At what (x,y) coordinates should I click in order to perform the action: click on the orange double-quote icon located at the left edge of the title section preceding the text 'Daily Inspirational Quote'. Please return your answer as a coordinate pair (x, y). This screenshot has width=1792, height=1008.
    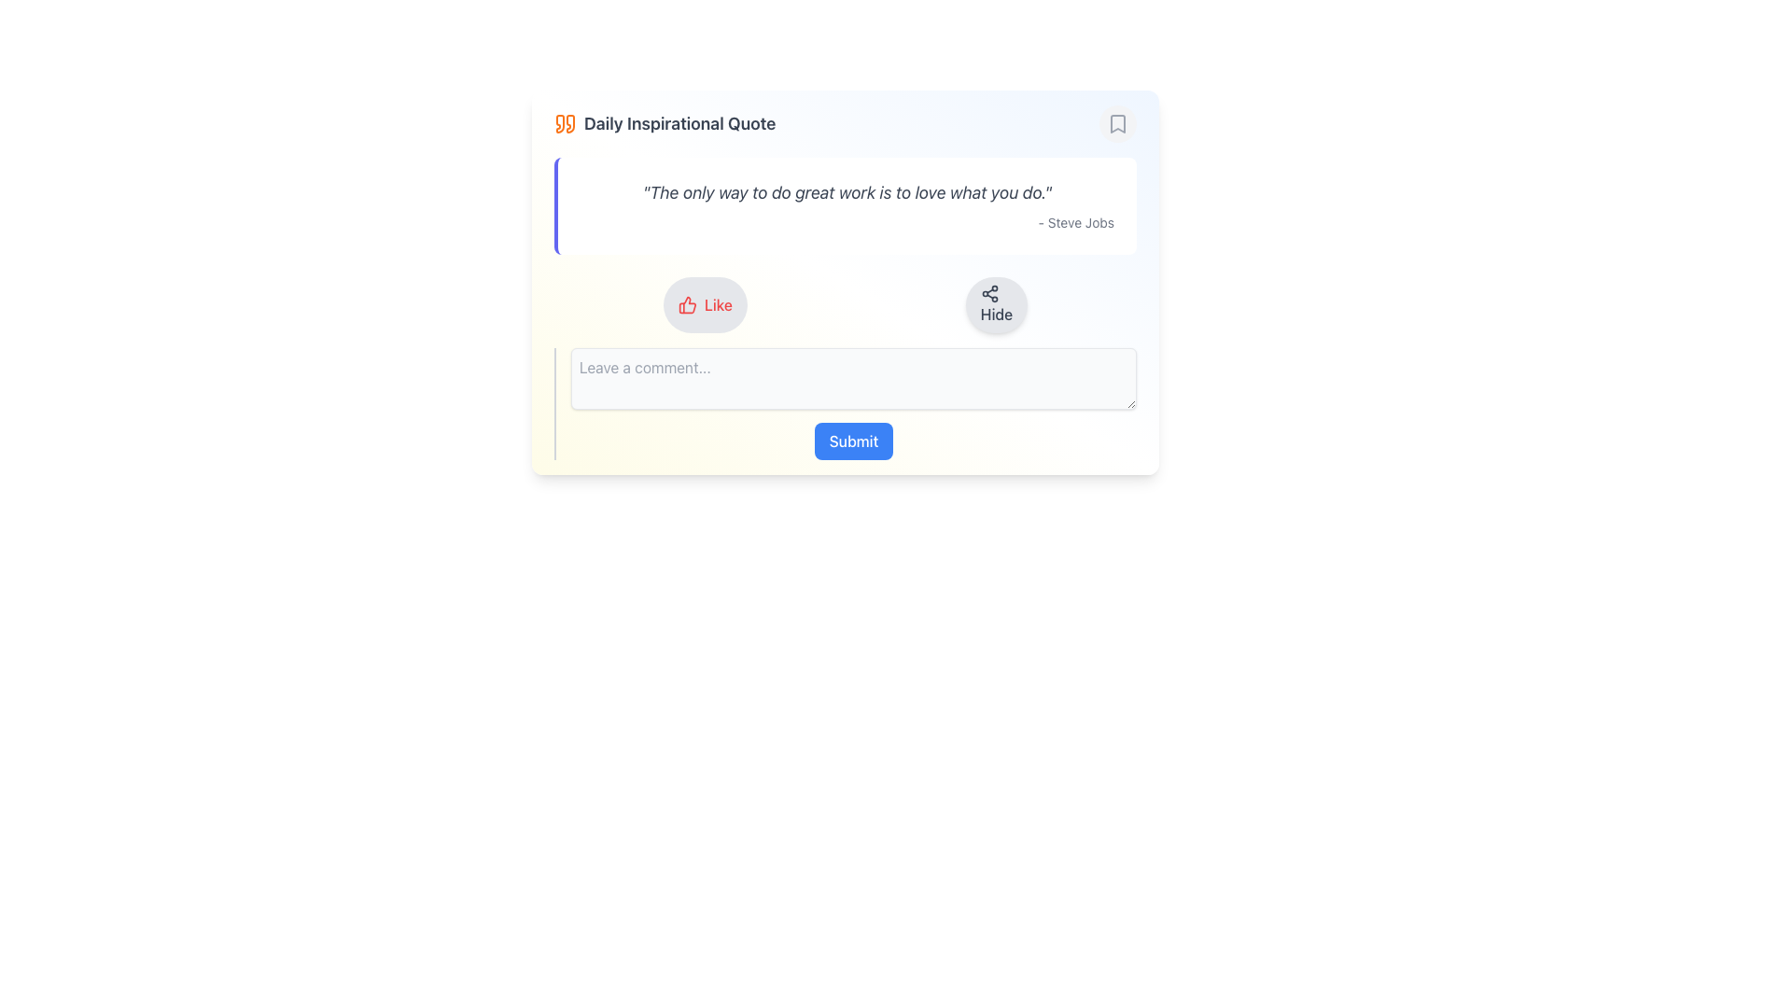
    Looking at the image, I should click on (564, 123).